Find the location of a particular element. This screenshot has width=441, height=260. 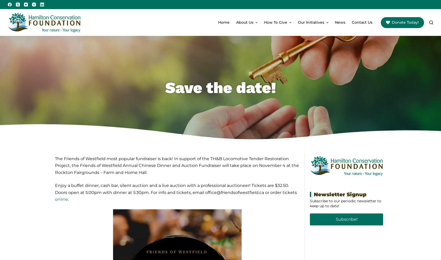

'About Us' is located at coordinates (245, 22).